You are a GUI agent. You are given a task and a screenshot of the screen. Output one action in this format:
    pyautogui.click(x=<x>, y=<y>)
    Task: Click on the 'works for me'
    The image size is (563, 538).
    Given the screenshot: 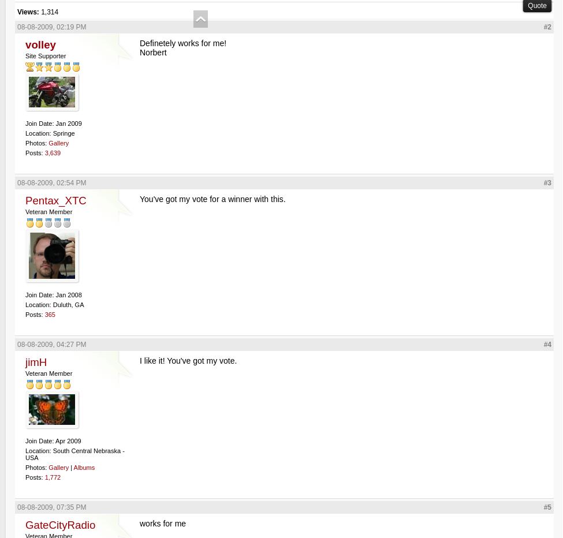 What is the action you would take?
    pyautogui.click(x=162, y=524)
    